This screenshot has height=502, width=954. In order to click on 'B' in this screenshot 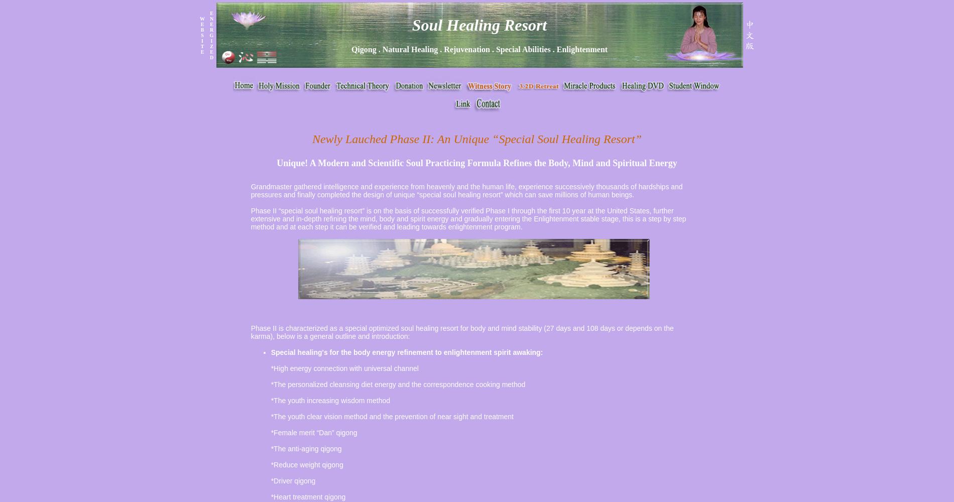, I will do `click(200, 29)`.